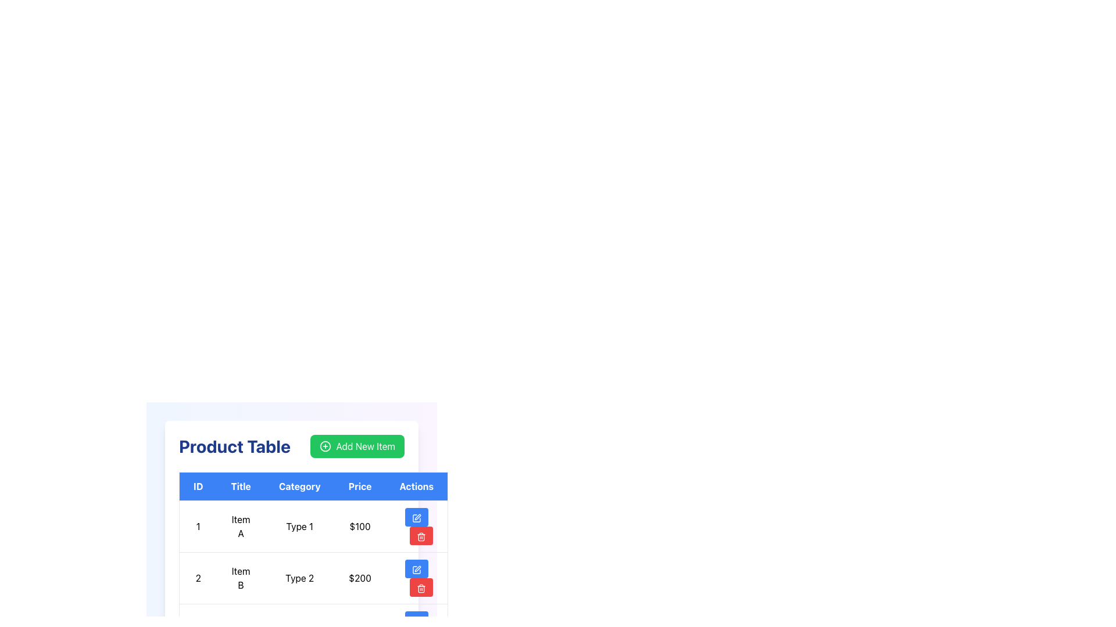 This screenshot has height=627, width=1116. I want to click on the 'Category' column header in the table, which is the third header from the left between 'Title' and 'Price', so click(299, 486).